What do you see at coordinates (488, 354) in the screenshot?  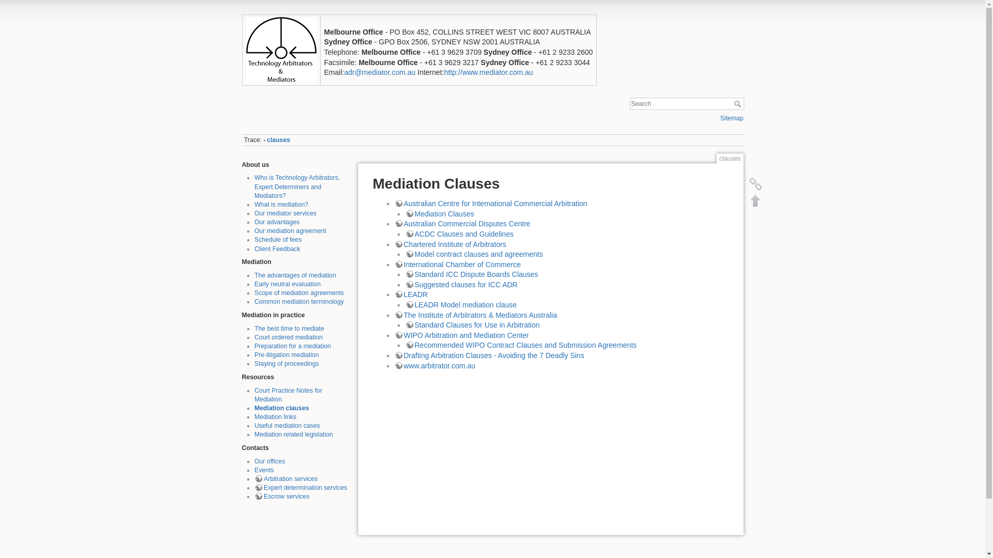 I see `'Drafting Arbitration Clauses - Avoiding the 7 Deadly Sins'` at bounding box center [488, 354].